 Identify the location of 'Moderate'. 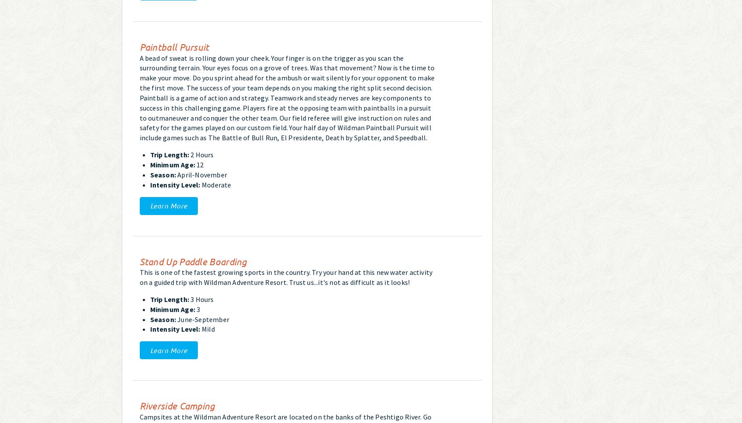
(215, 184).